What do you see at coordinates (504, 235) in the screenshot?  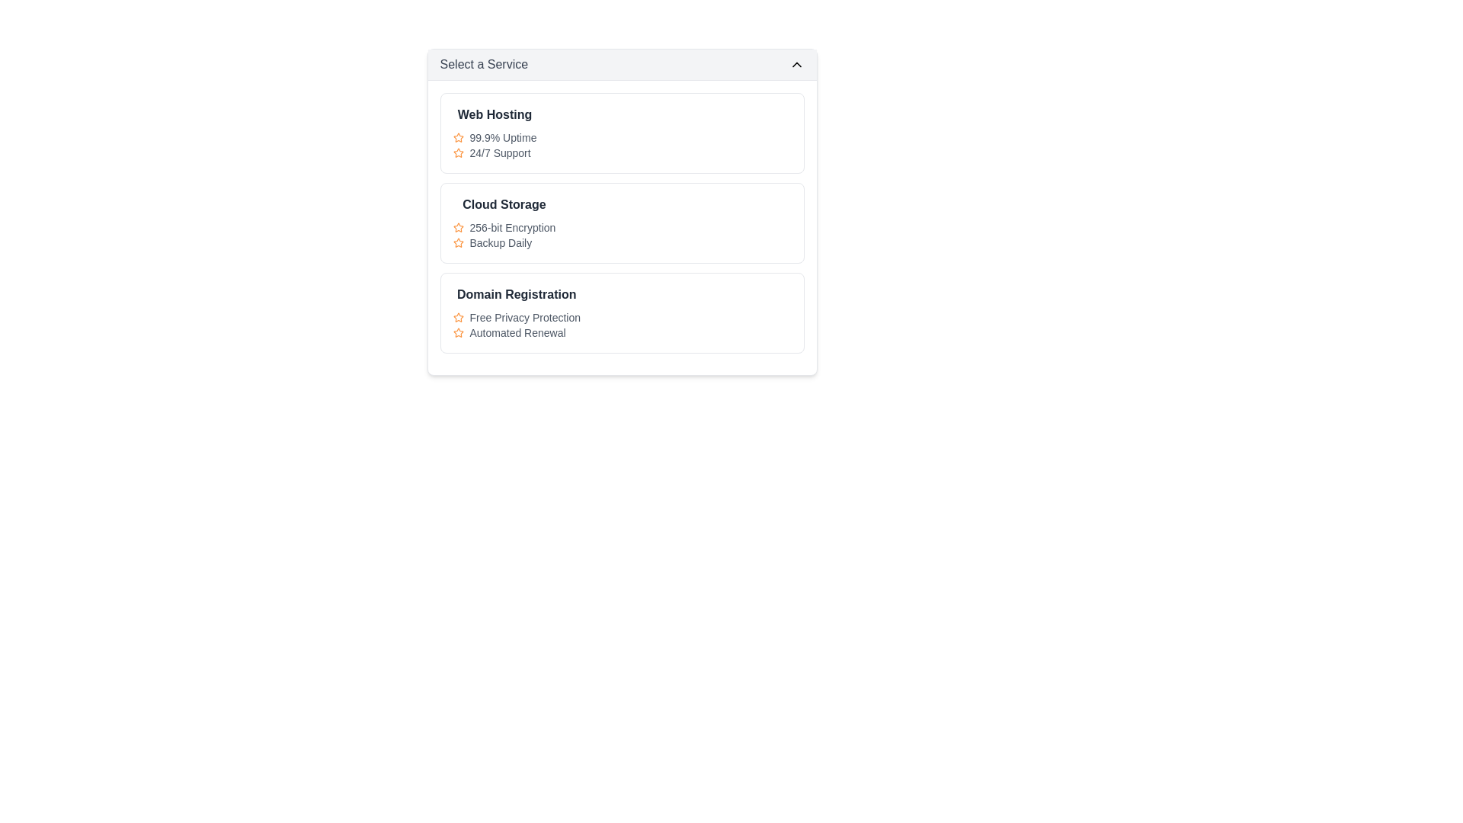 I see `text group labeled '256-bit Encryption' and 'Backup Daily' with star icons, located in the 'Cloud Storage' section to understand the information` at bounding box center [504, 235].